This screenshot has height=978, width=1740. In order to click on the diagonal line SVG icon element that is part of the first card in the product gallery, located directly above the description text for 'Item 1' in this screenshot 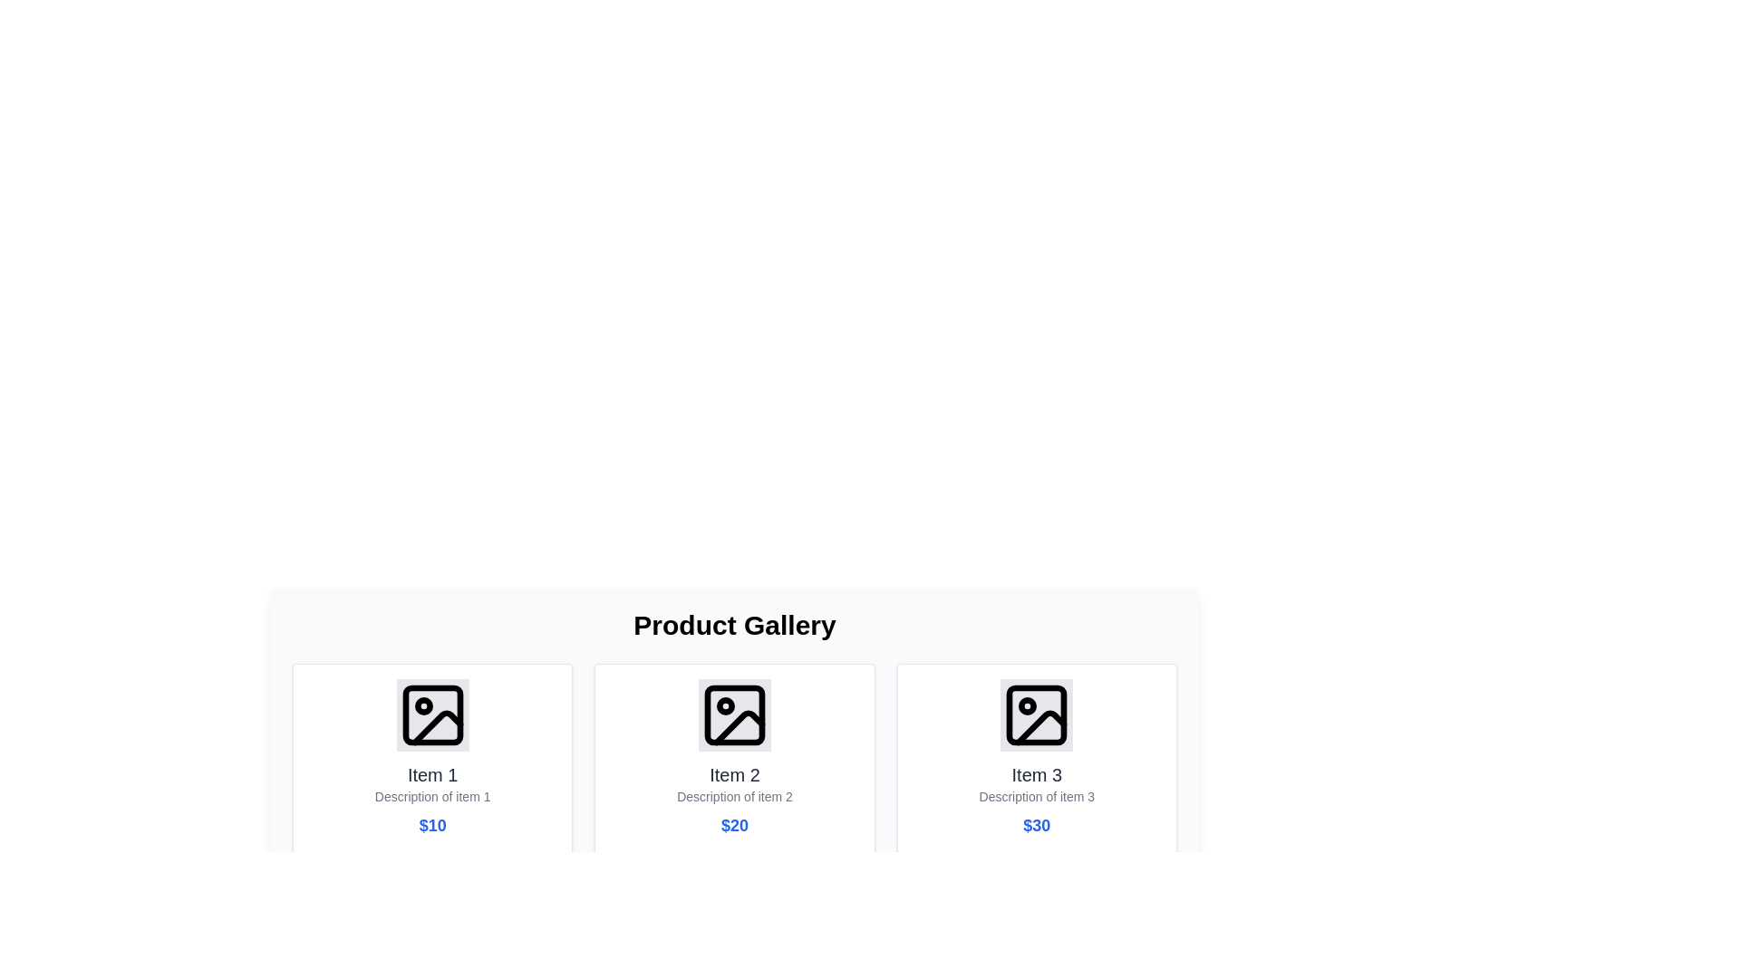, I will do `click(437, 726)`.